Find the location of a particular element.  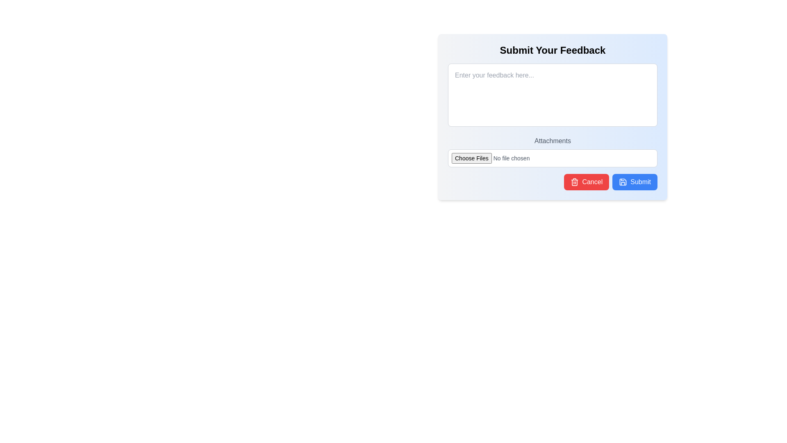

the floppy disk icon located on the blue 'Submit' button adjacent to the 'Submit' text is located at coordinates (623, 181).